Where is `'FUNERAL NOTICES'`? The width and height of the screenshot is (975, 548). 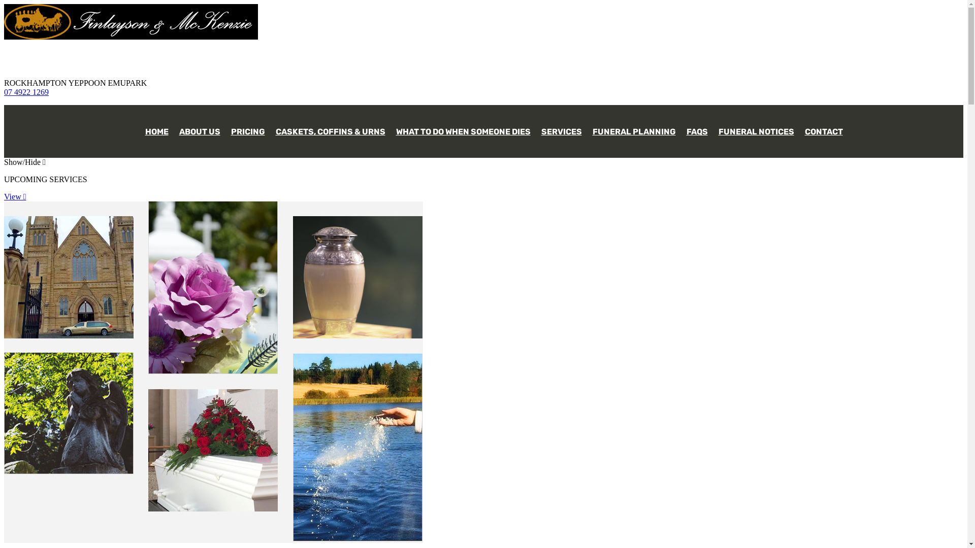
'FUNERAL NOTICES' is located at coordinates (756, 126).